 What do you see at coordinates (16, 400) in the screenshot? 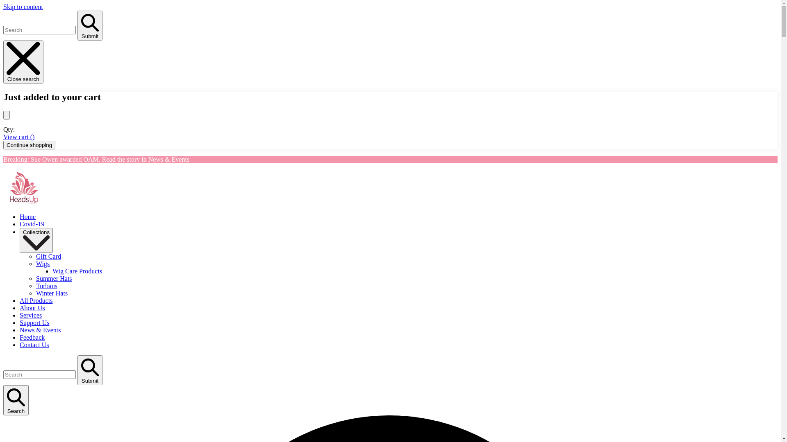
I see `'Search'` at bounding box center [16, 400].